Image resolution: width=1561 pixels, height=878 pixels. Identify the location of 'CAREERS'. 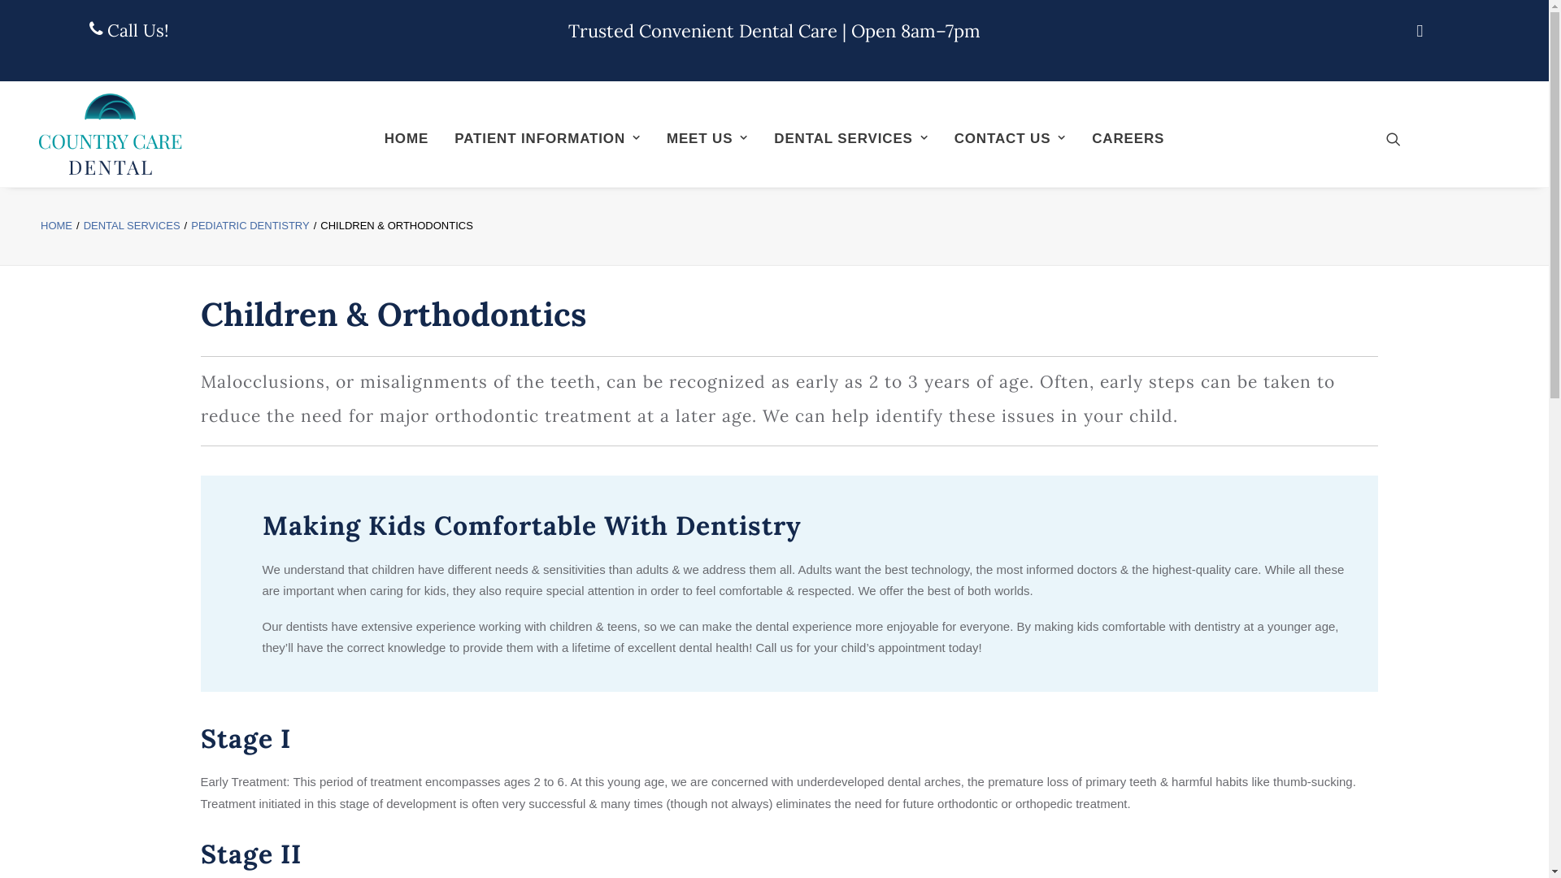
(1127, 137).